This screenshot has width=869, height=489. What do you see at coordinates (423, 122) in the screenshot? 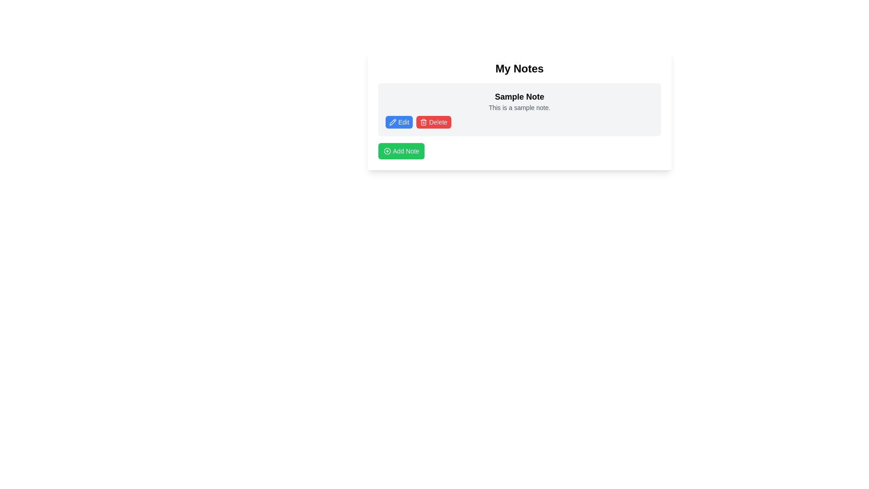
I see `the trash bin icon within the red 'Delete' button for accessibility interactions` at bounding box center [423, 122].